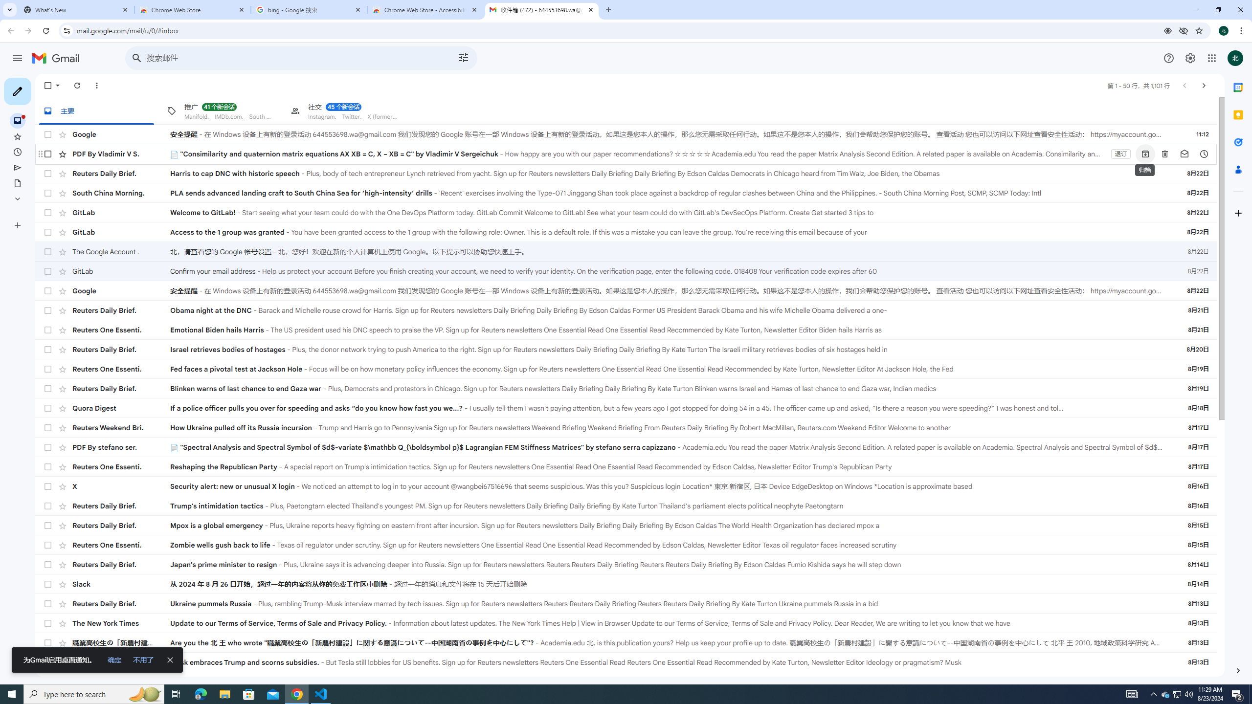 The image size is (1252, 704). I want to click on 'PDF By stefano ser.', so click(121, 447).